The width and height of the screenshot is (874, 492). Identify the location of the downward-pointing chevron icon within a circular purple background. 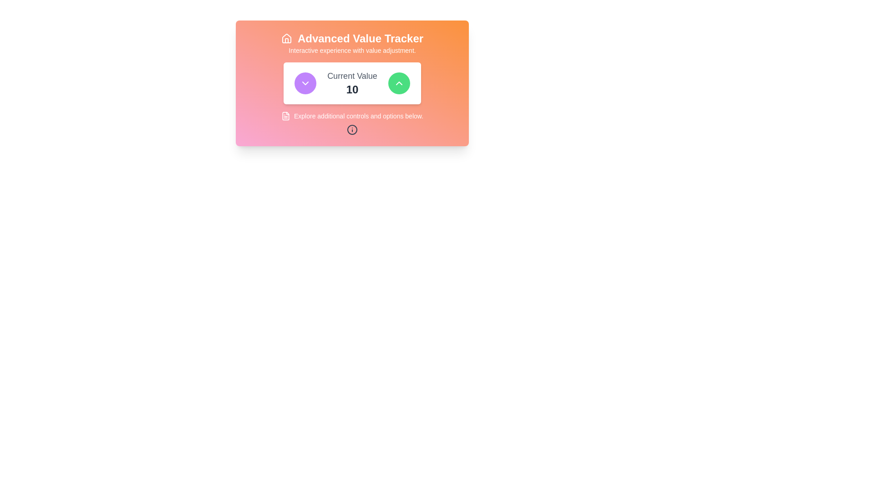
(305, 83).